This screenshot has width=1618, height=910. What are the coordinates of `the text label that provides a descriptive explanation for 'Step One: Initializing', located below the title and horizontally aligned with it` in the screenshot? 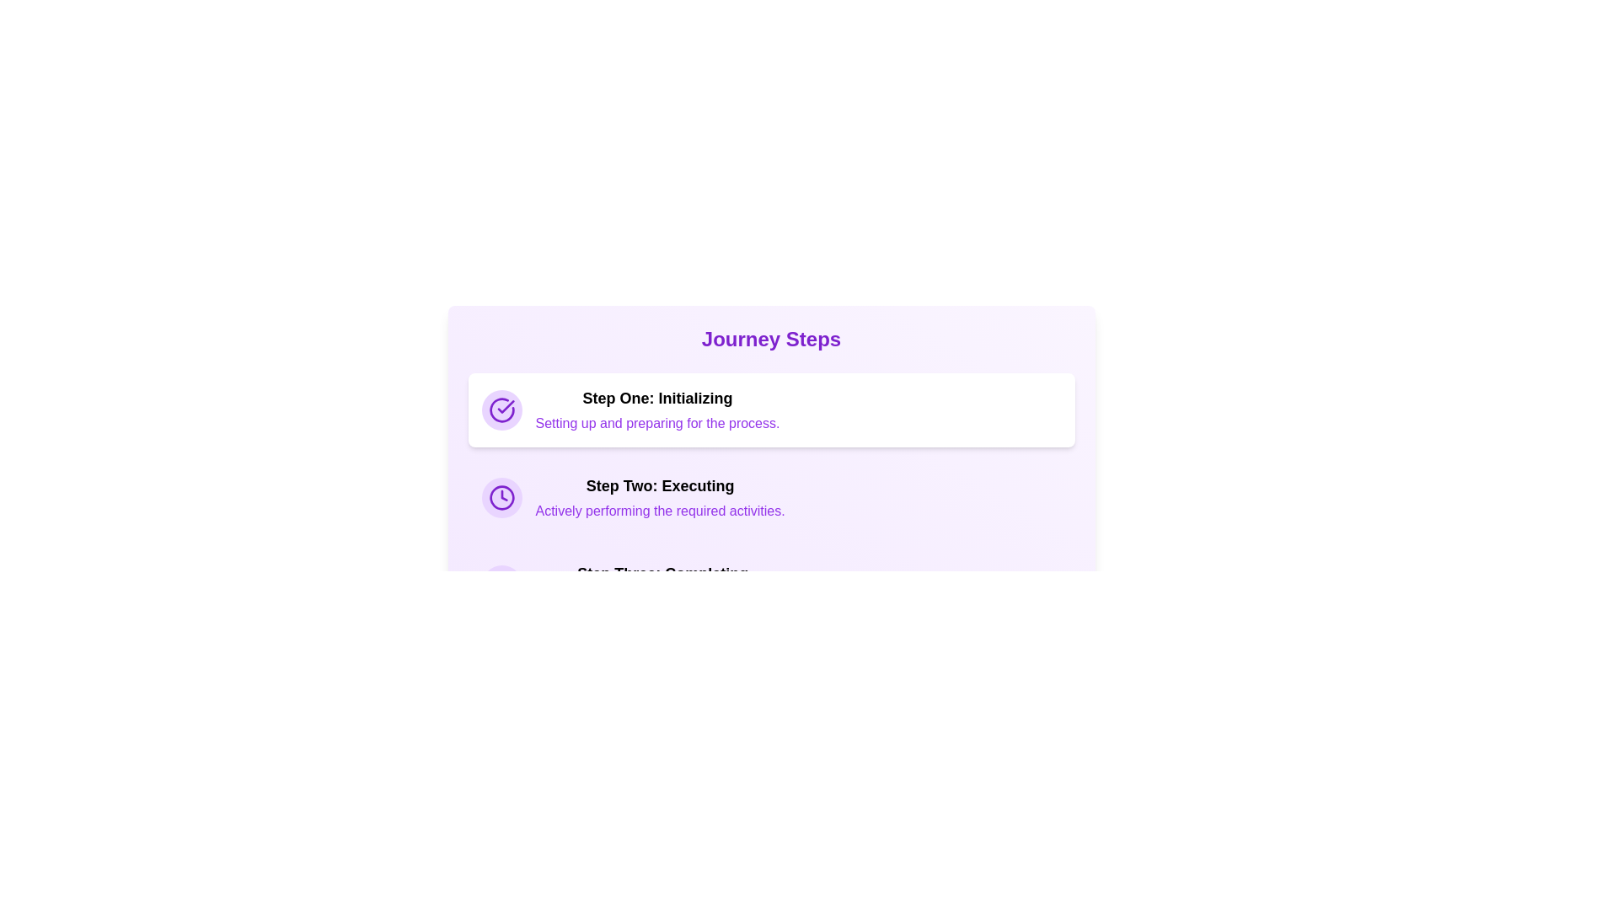 It's located at (656, 422).